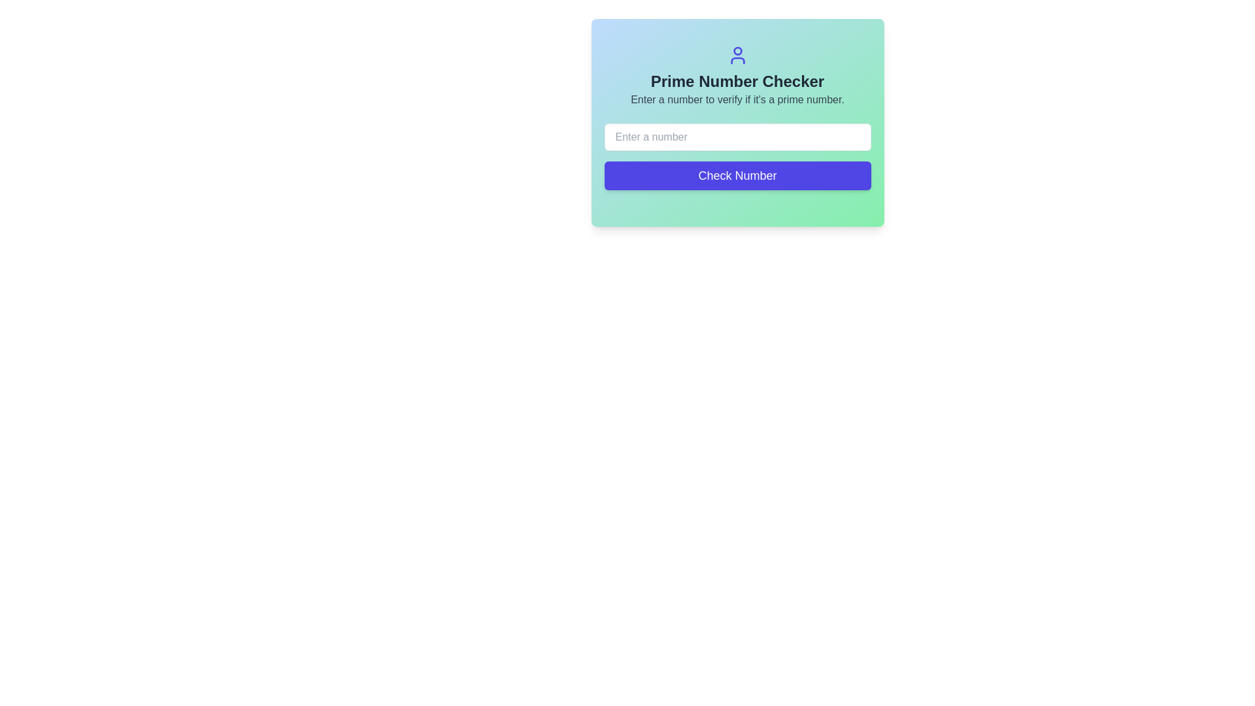 Image resolution: width=1255 pixels, height=706 pixels. What do you see at coordinates (737, 50) in the screenshot?
I see `the Circle element in the SVG graphic representing the user's head, located at the center-top of the card` at bounding box center [737, 50].